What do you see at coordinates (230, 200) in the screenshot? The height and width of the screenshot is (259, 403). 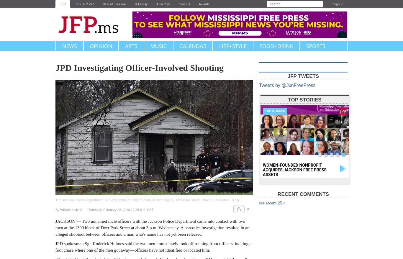 I see `'William H. Kelly III'` at bounding box center [230, 200].